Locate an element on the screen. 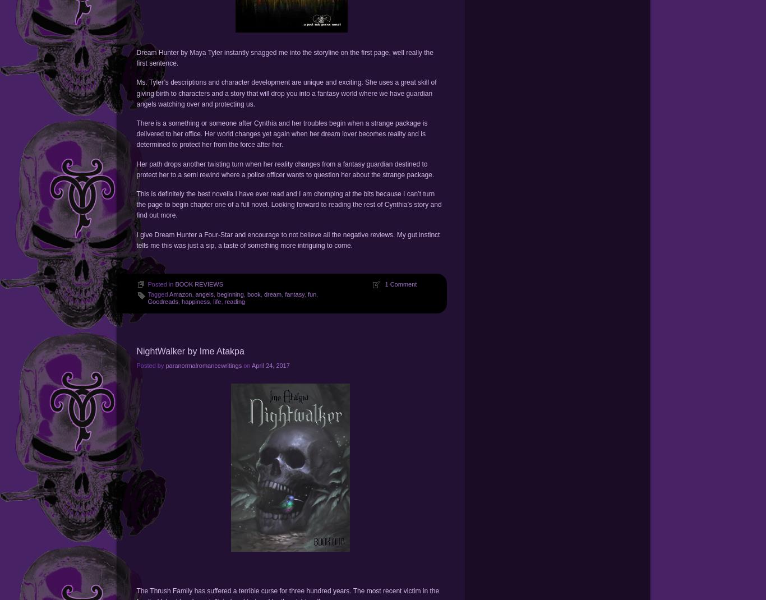 Image resolution: width=766 pixels, height=600 pixels. 'Posted by' is located at coordinates (150, 364).